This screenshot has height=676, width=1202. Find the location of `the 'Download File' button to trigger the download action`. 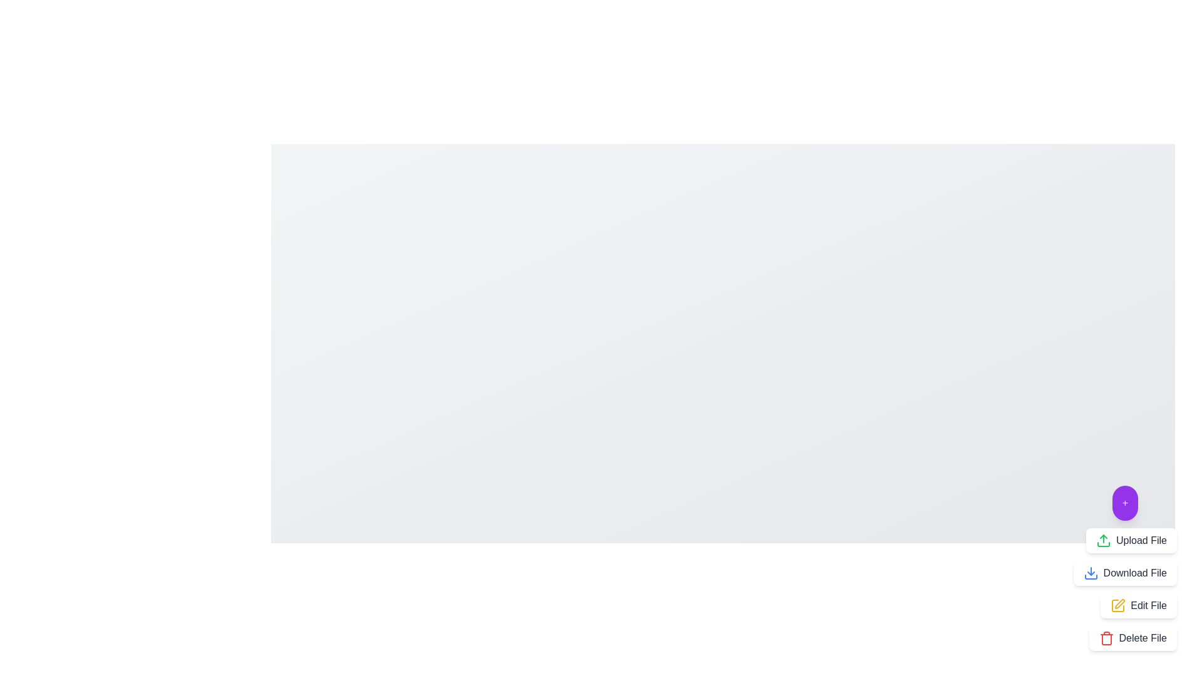

the 'Download File' button to trigger the download action is located at coordinates (1124, 573).